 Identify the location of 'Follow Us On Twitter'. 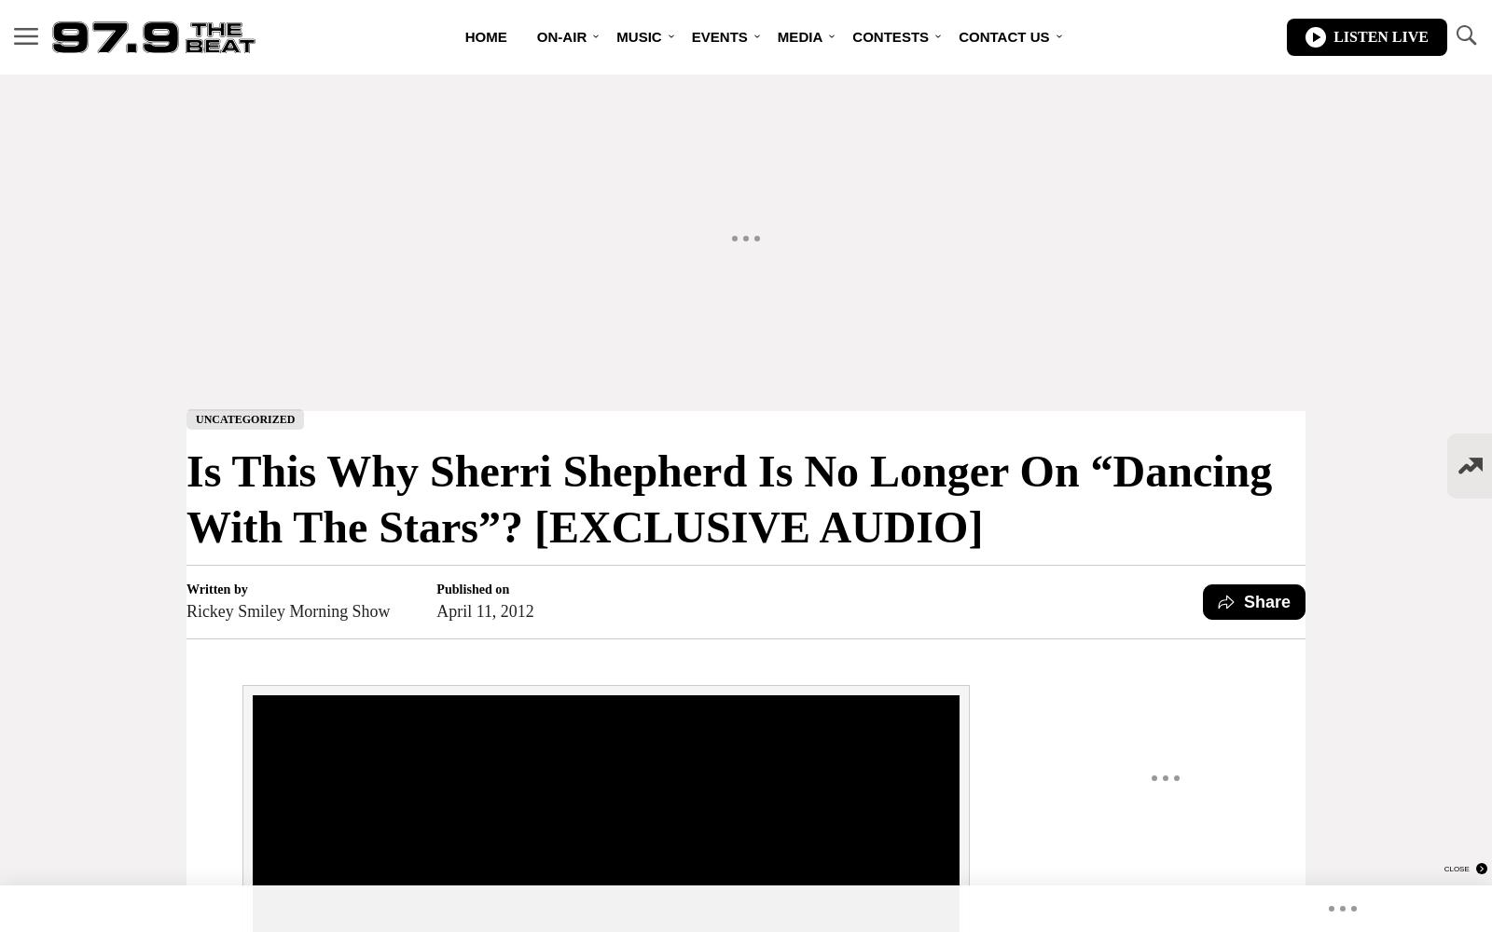
(959, 196).